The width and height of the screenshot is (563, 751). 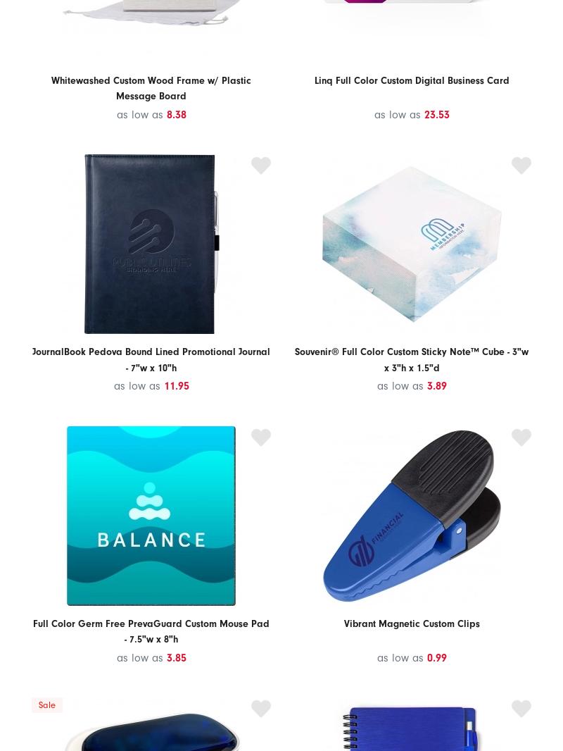 I want to click on 'Whitewashed Custom Wood Frame w/ Plastic Message Board', so click(x=151, y=87).